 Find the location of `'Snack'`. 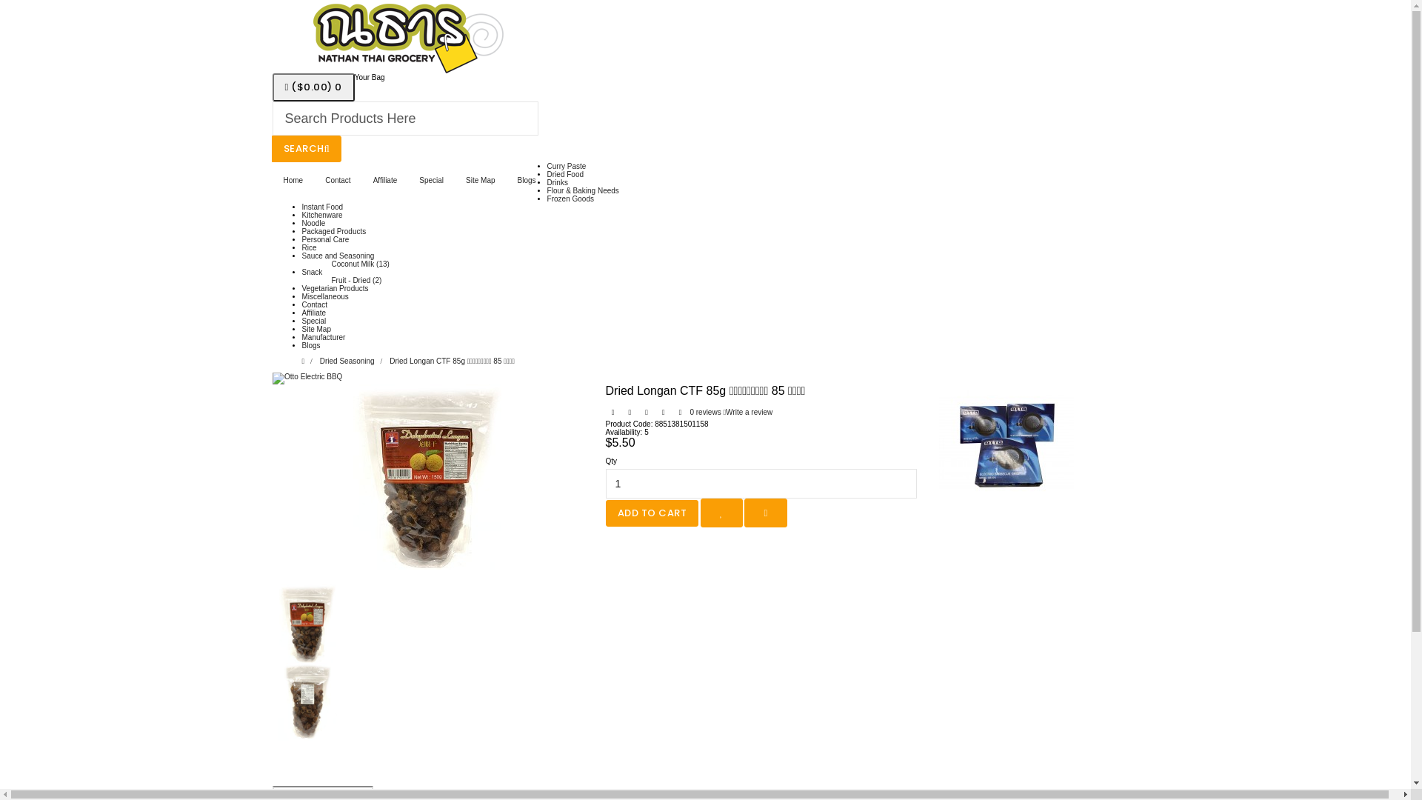

'Snack' is located at coordinates (312, 272).